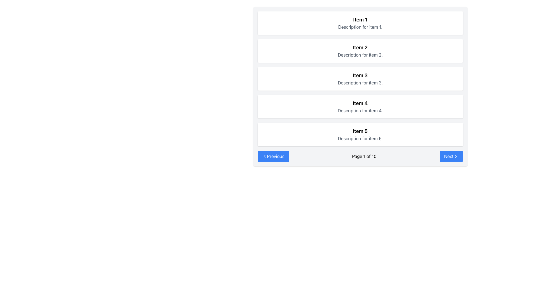 This screenshot has width=536, height=301. What do you see at coordinates (360, 131) in the screenshot?
I see `the title text label located at the top of the fifth card in a vertically stacked list of cards, which serves as the header for the card's content` at bounding box center [360, 131].